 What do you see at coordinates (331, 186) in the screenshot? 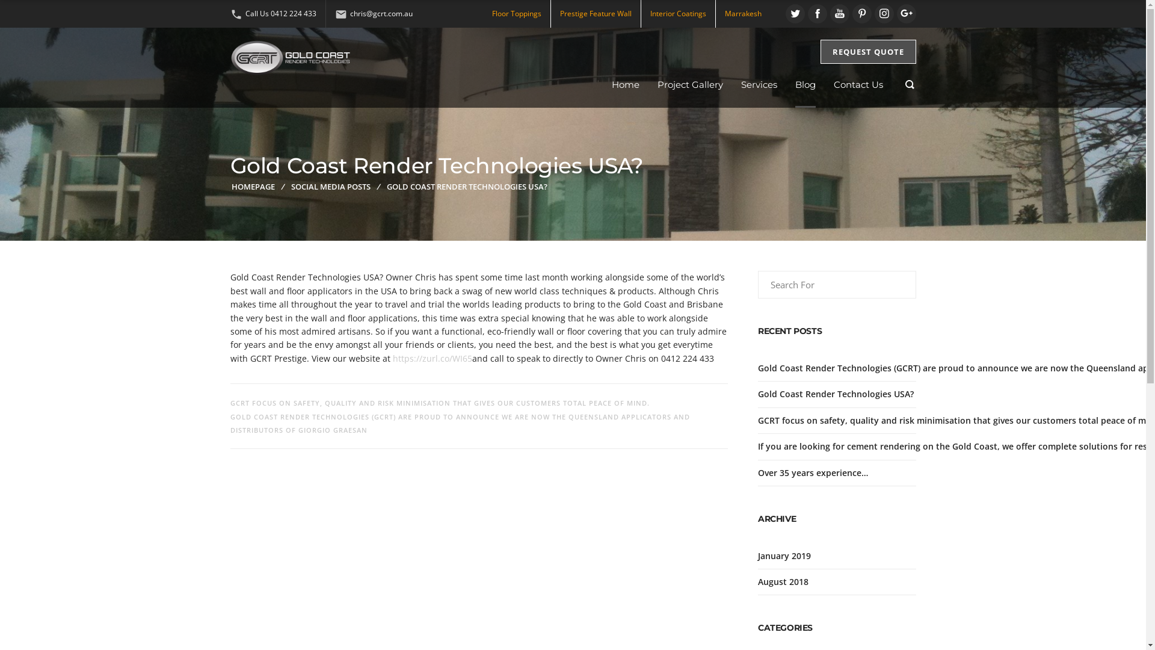
I see `'SOCIAL MEDIA POSTS'` at bounding box center [331, 186].